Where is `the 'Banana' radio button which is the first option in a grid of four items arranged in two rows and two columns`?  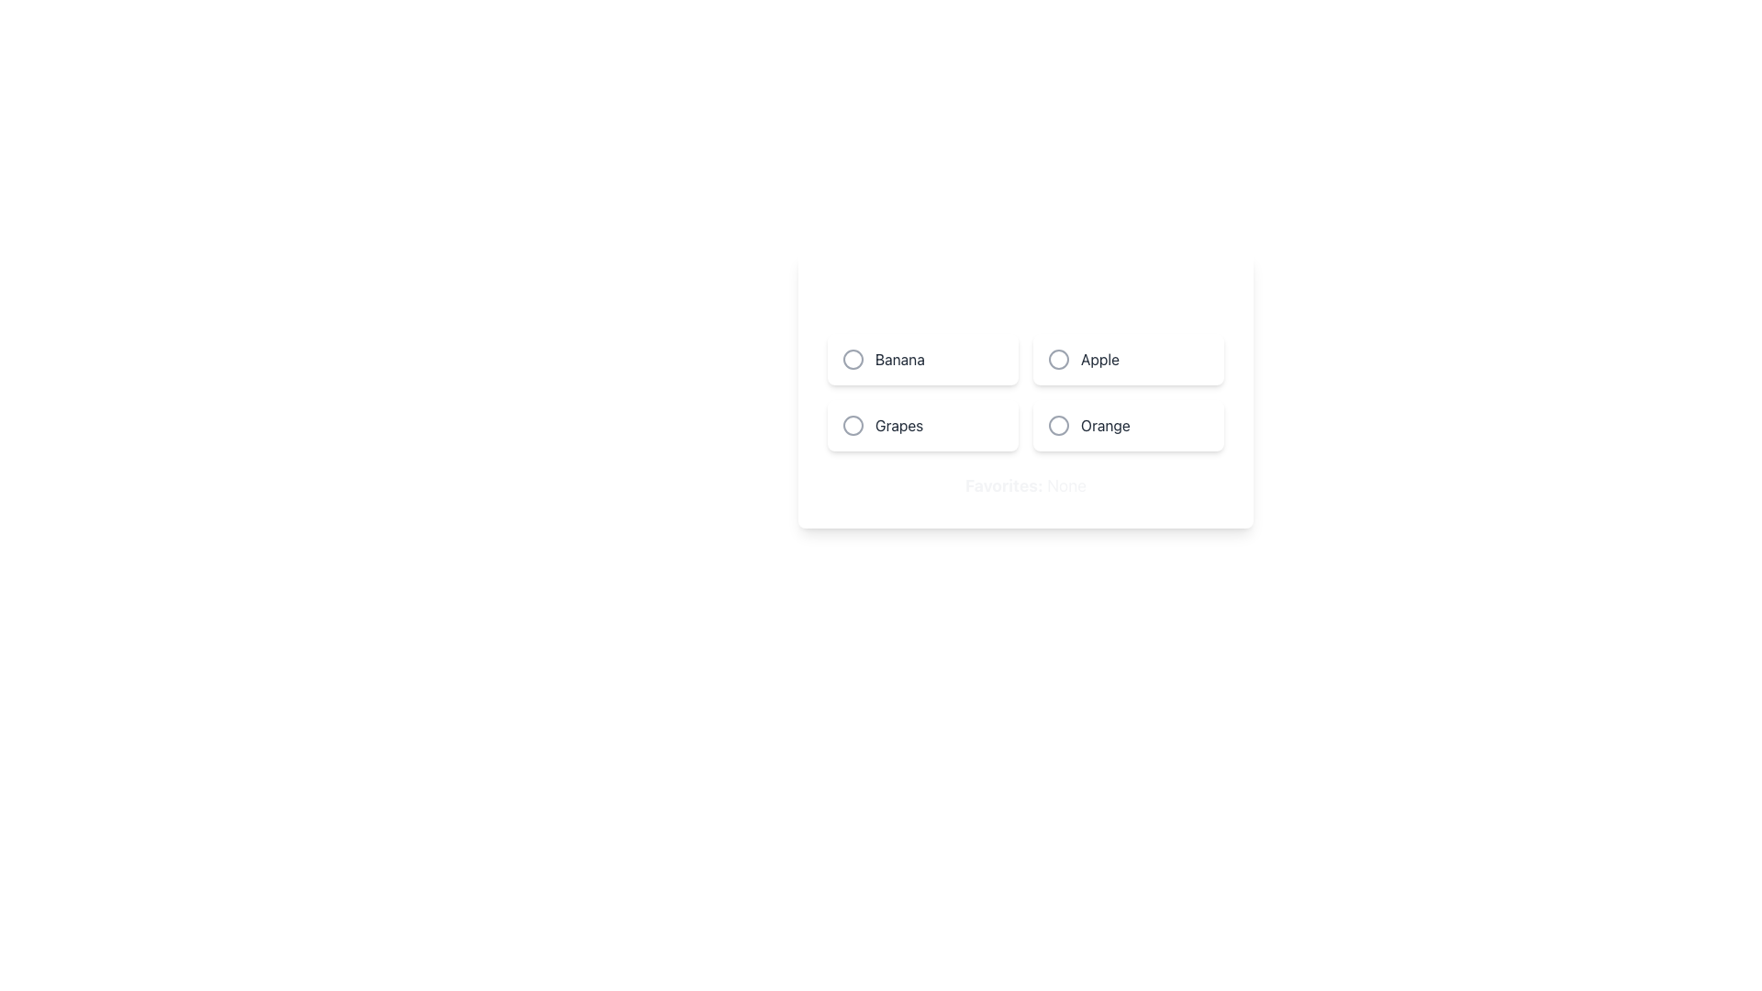
the 'Banana' radio button which is the first option in a grid of four items arranged in two rows and two columns is located at coordinates (923, 360).